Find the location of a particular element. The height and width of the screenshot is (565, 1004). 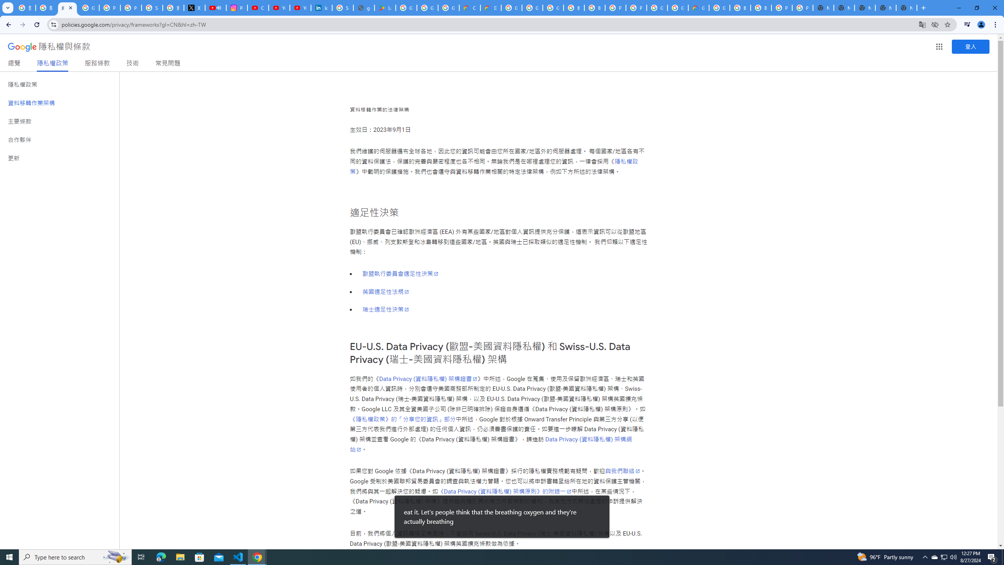

'X' is located at coordinates (195, 7).